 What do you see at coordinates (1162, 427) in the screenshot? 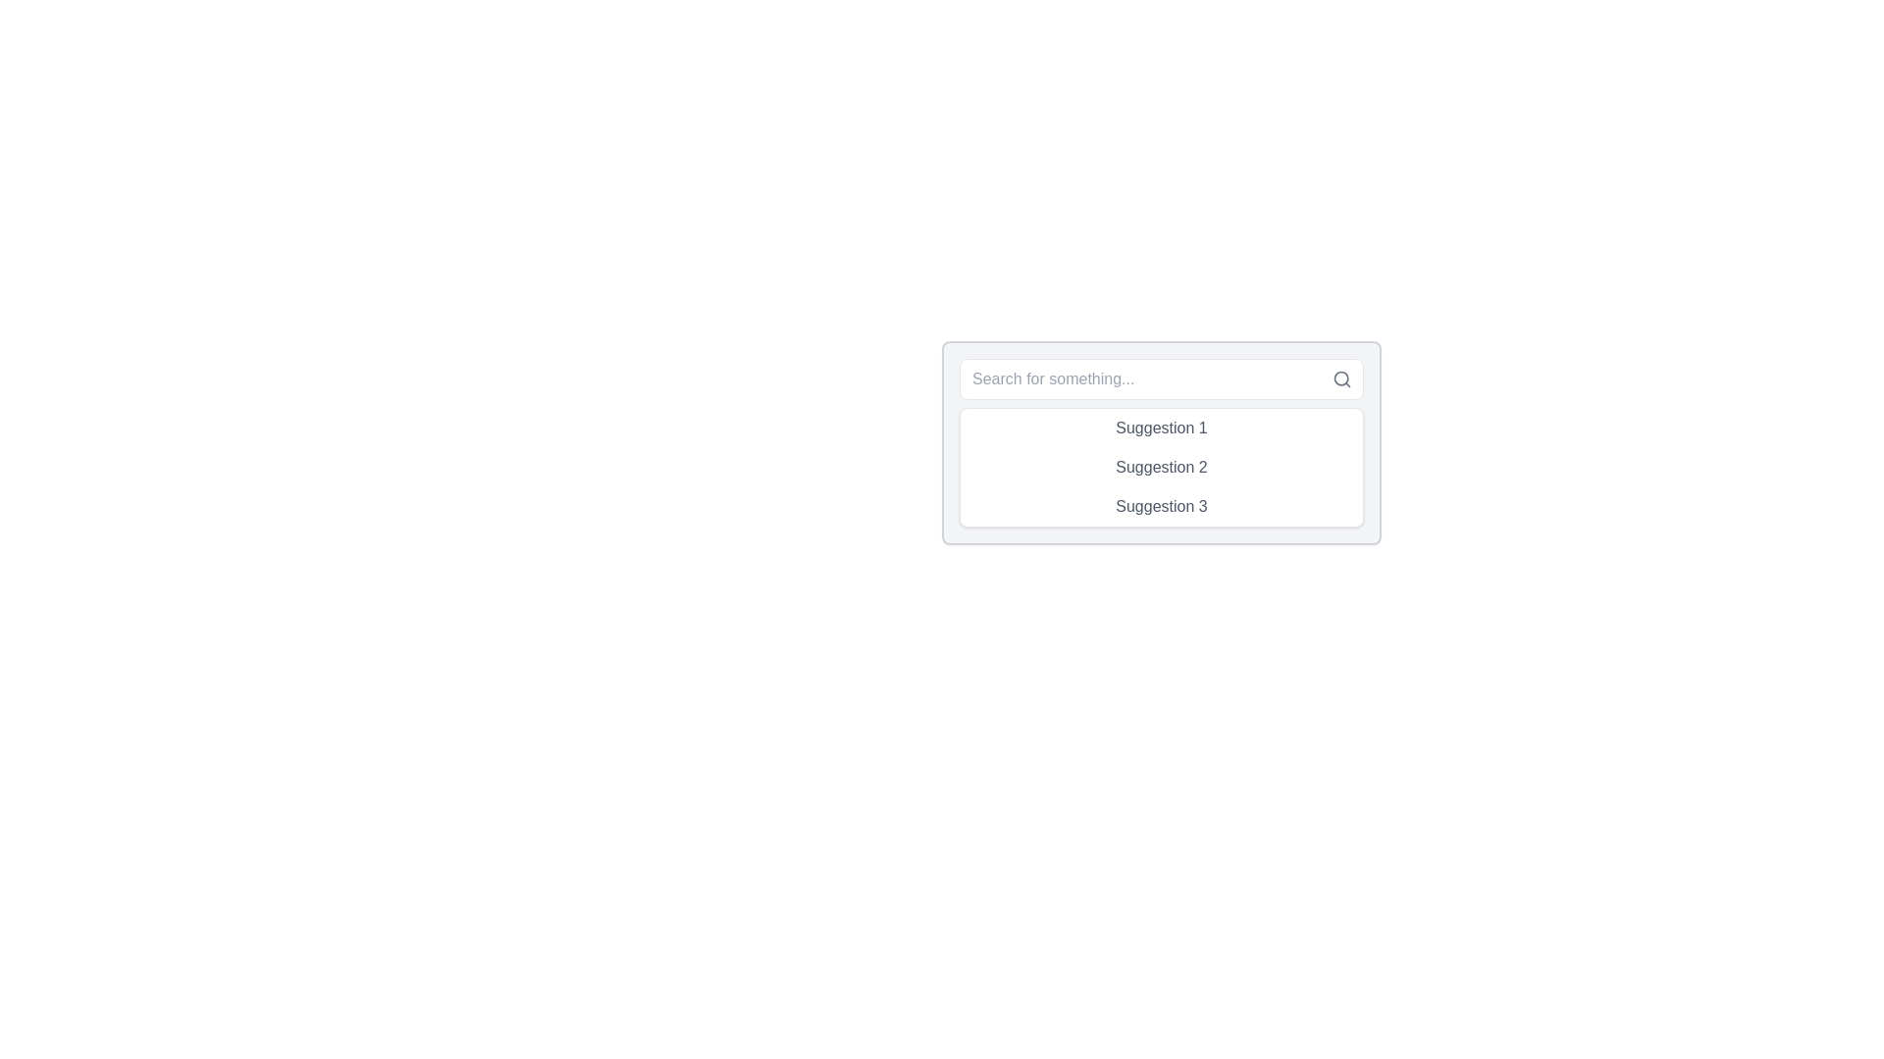
I see `the first selectable suggestion item in the dropdown menu that appears below the 'Search for something...' input field` at bounding box center [1162, 427].